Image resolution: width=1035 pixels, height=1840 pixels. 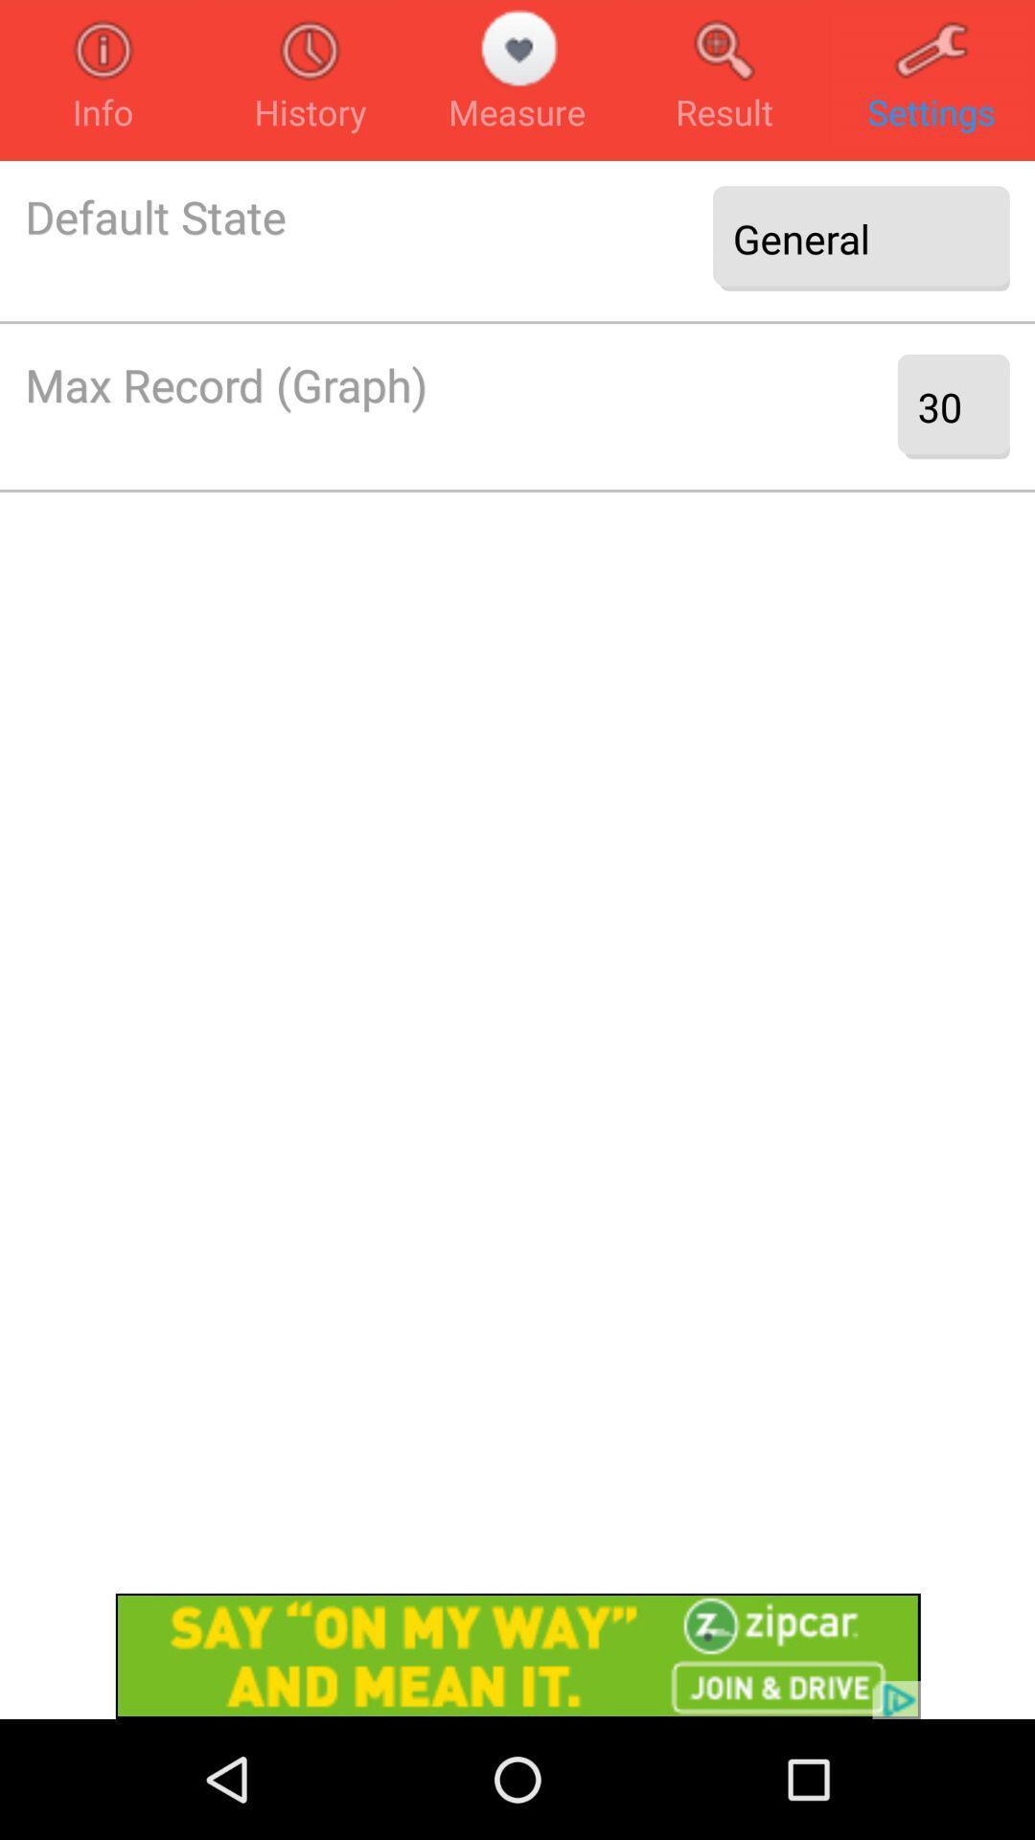 What do you see at coordinates (517, 1655) in the screenshot?
I see `advertisement page` at bounding box center [517, 1655].